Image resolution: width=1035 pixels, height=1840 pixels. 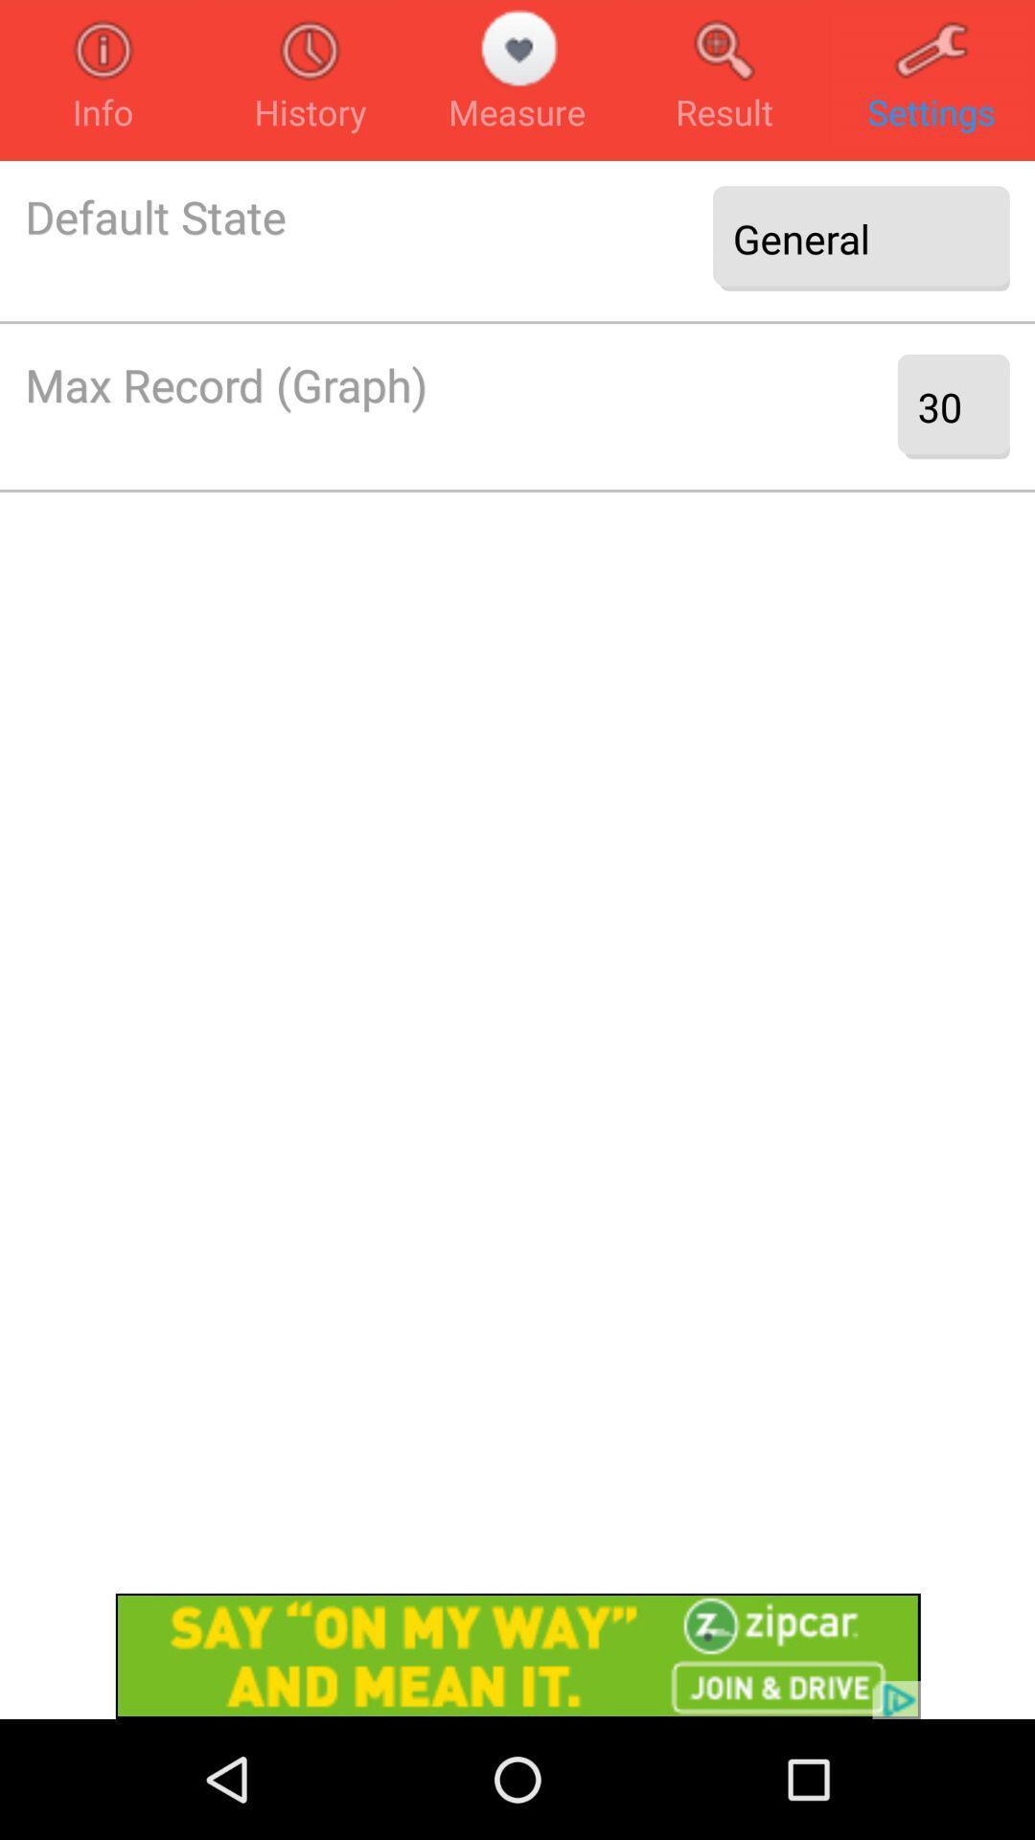 What do you see at coordinates (517, 1655) in the screenshot?
I see `advertisement page` at bounding box center [517, 1655].